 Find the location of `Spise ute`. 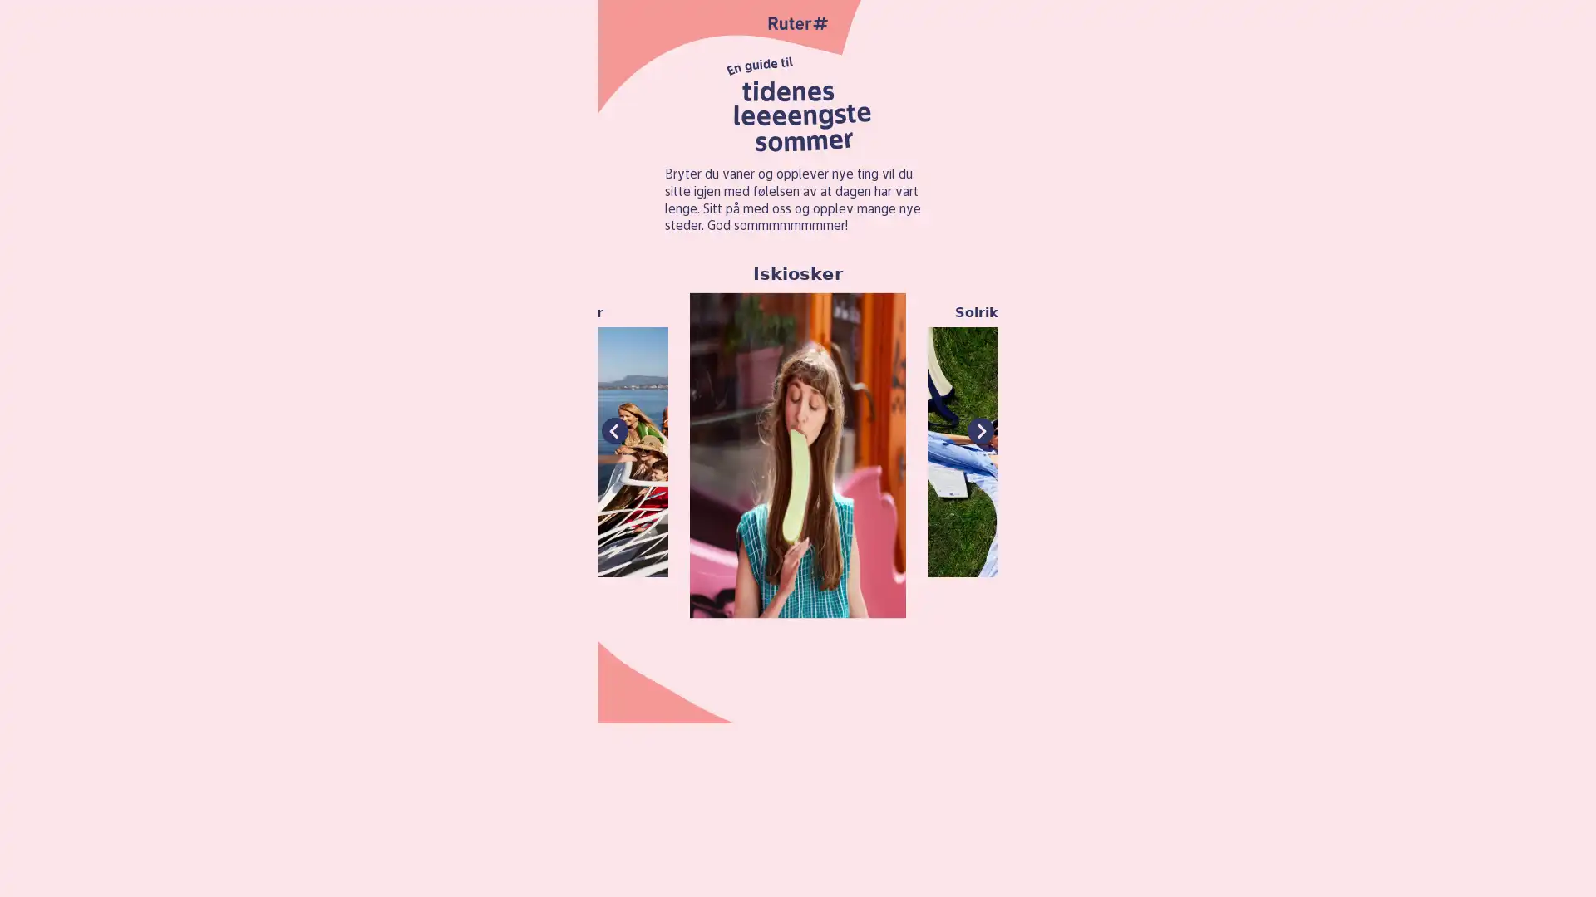

Spise ute is located at coordinates (1435, 440).